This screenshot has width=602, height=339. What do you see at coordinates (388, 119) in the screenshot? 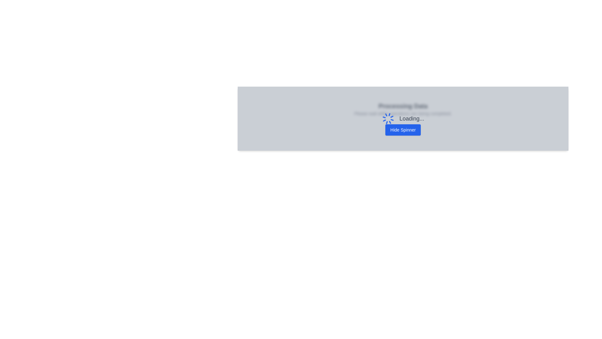
I see `the circular animated loader/spinner icon, which is blue and displayed against a semi-transparent gray background, located at the center of the overlay` at bounding box center [388, 119].